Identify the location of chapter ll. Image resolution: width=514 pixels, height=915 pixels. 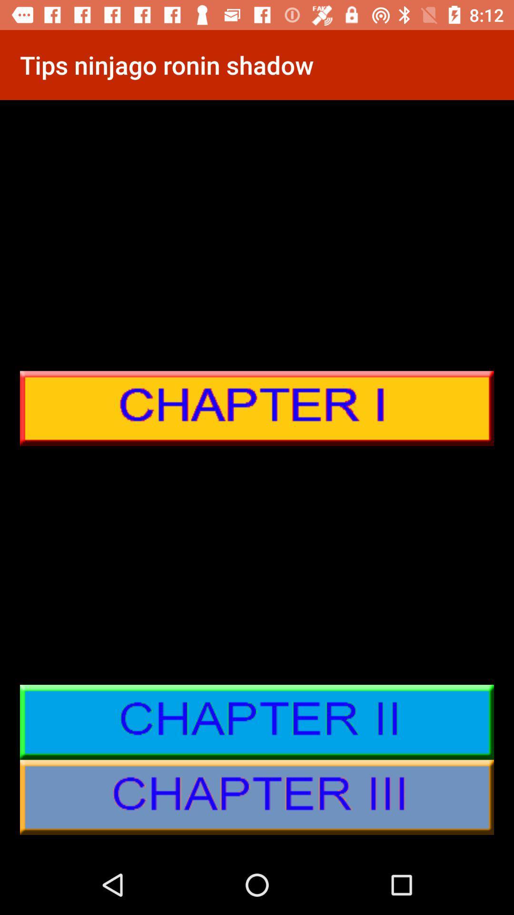
(257, 722).